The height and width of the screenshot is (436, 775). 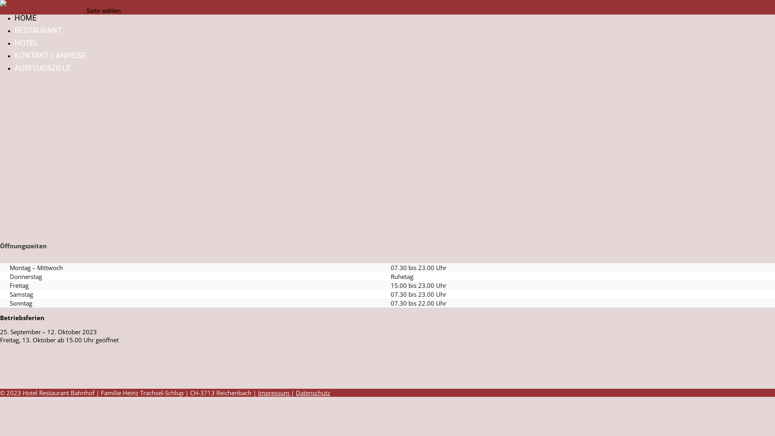 What do you see at coordinates (14, 43) in the screenshot?
I see `'HOTEL'` at bounding box center [14, 43].